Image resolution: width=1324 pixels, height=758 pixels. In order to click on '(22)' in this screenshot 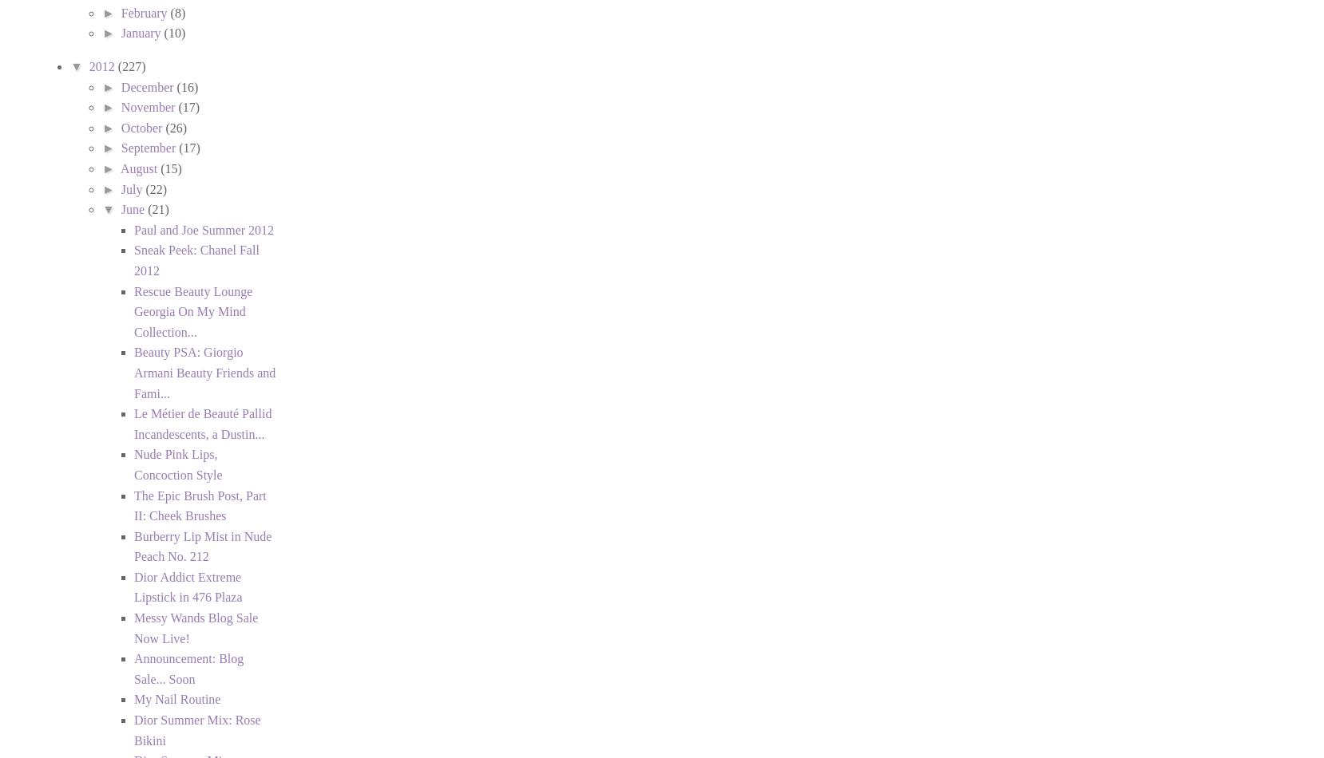, I will do `click(156, 188)`.